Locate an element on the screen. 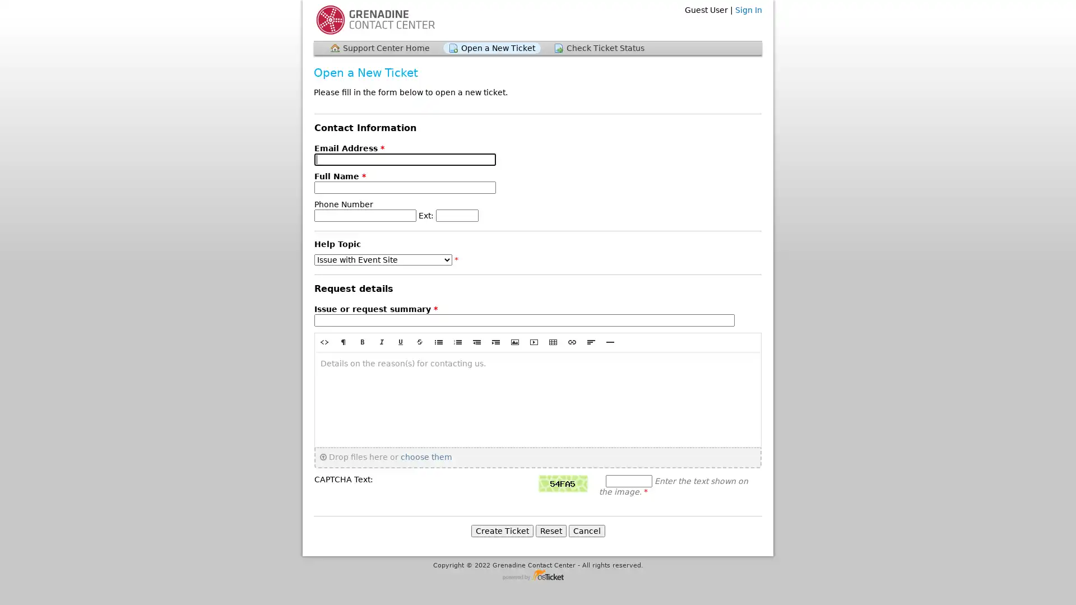  Cancel is located at coordinates (586, 530).